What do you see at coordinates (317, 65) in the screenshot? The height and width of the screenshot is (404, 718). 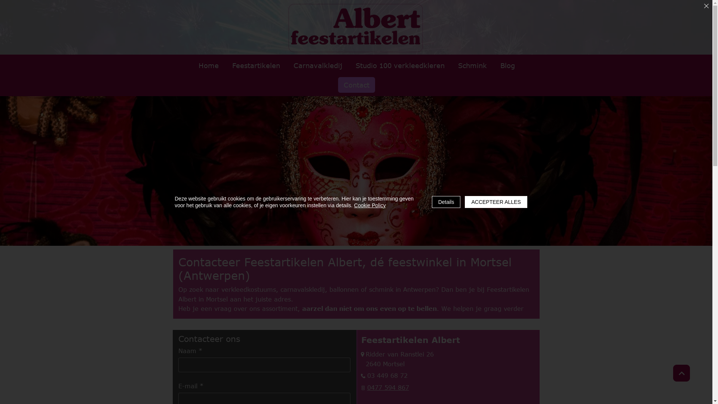 I see `'Carnavalkledij'` at bounding box center [317, 65].